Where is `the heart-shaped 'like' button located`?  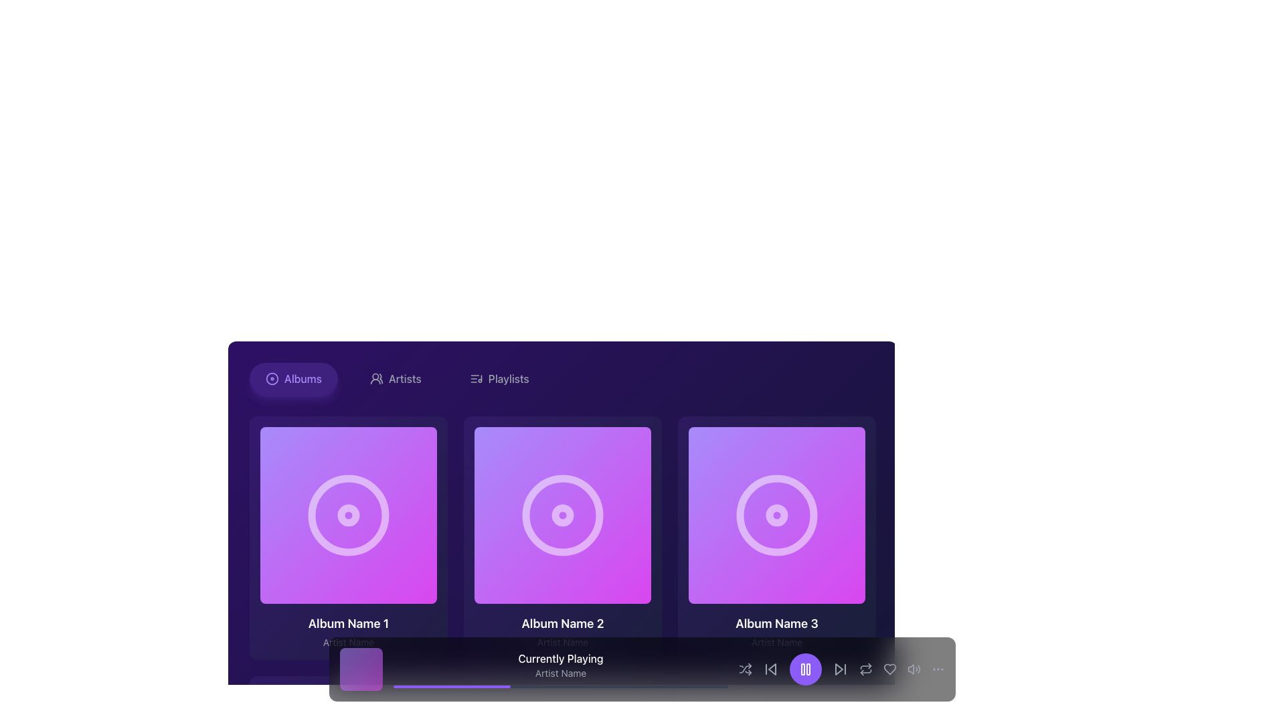
the heart-shaped 'like' button located is located at coordinates (889, 669).